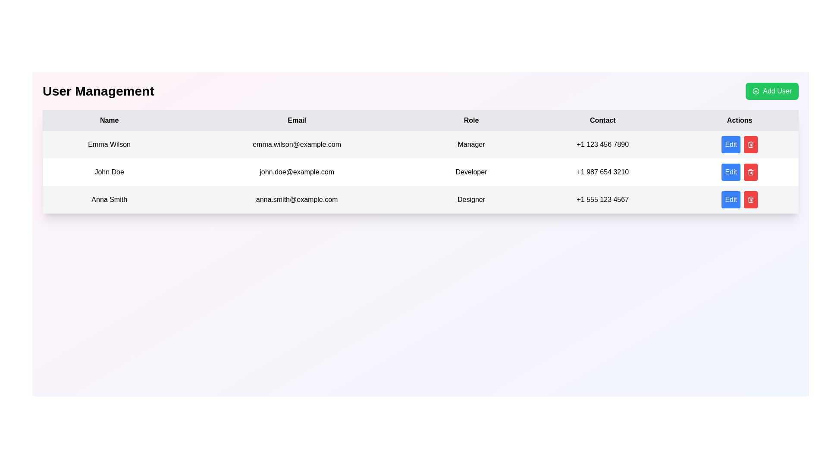 This screenshot has height=465, width=828. What do you see at coordinates (739, 199) in the screenshot?
I see `the edit button for user 'Anna Smith' in the 'Actions' column to observe the hover effect` at bounding box center [739, 199].